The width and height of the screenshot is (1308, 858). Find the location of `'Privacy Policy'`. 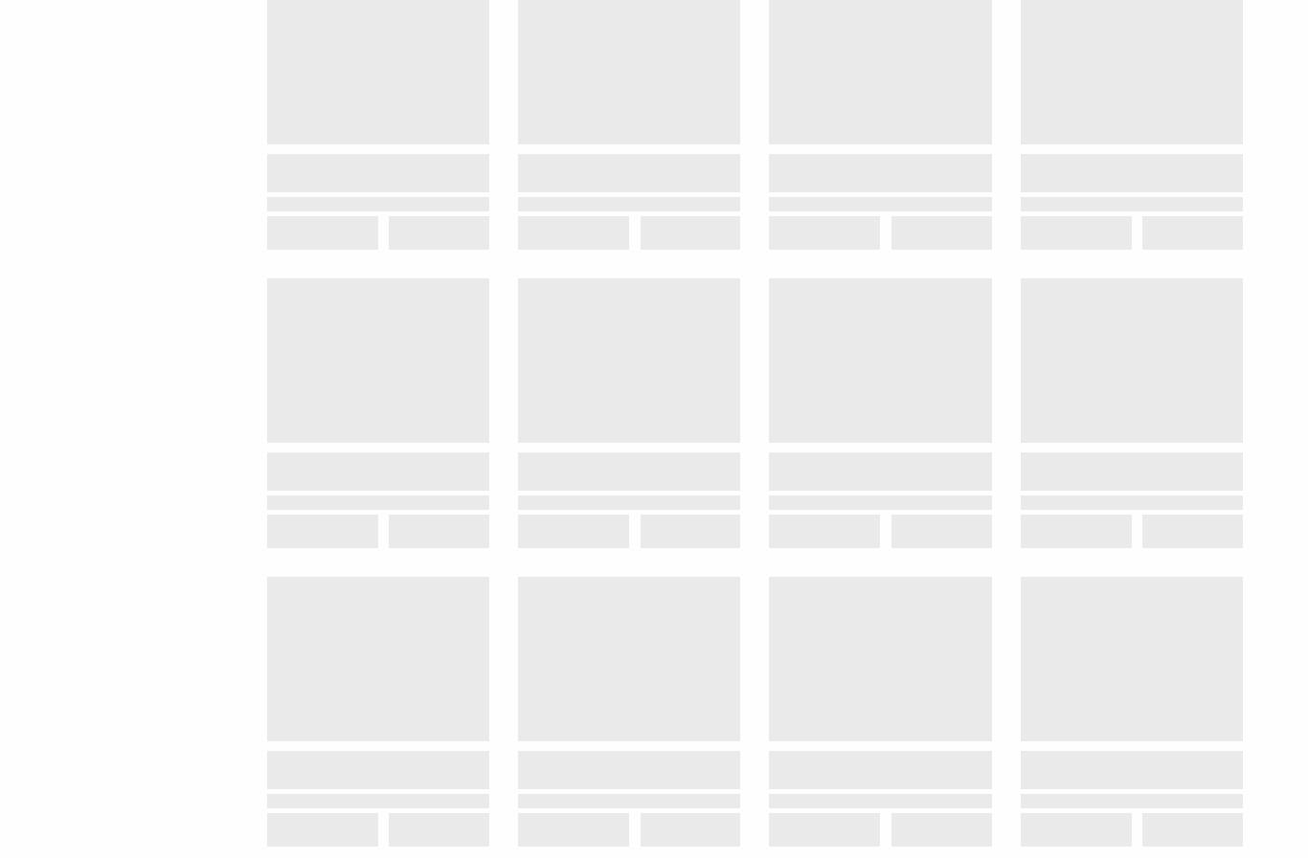

'Privacy Policy' is located at coordinates (1038, 444).